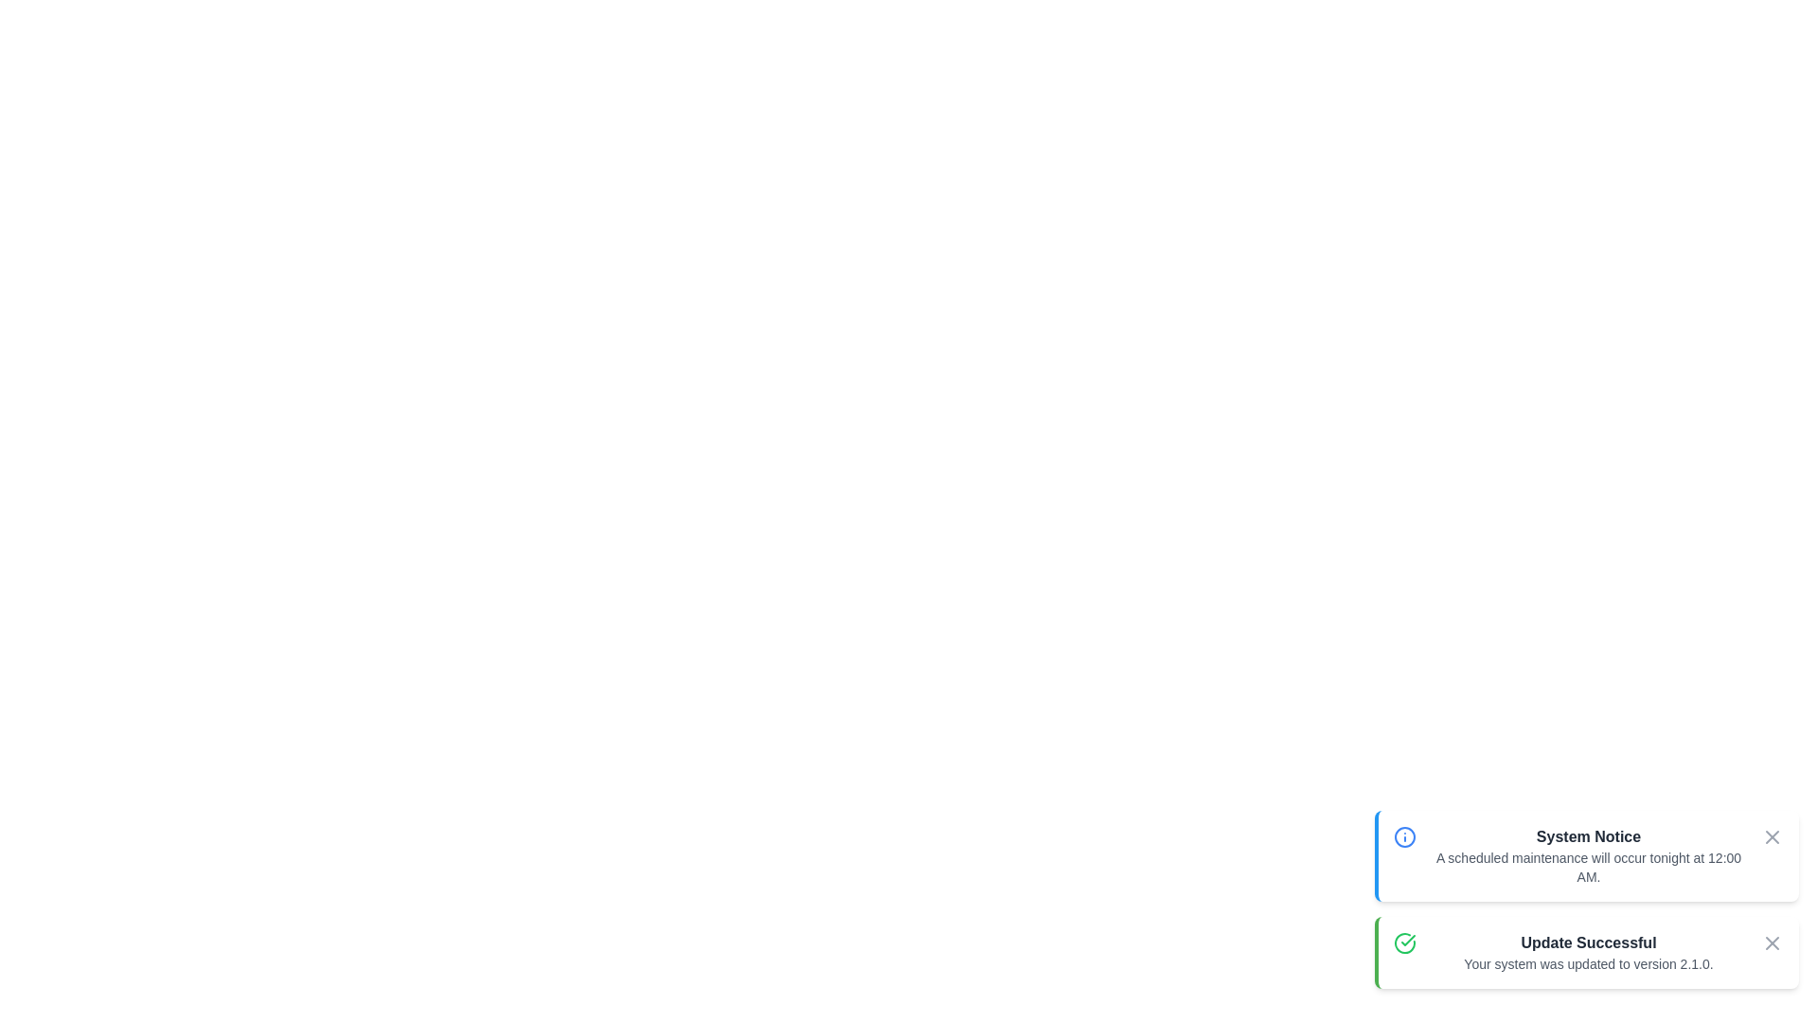  Describe the element at coordinates (1586, 855) in the screenshot. I see `the notification element System Notice to analyze its layout` at that location.